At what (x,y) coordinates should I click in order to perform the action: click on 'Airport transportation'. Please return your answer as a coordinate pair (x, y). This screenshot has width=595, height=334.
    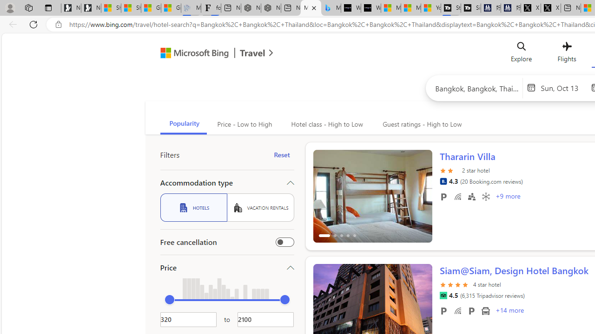
    Looking at the image, I should click on (485, 310).